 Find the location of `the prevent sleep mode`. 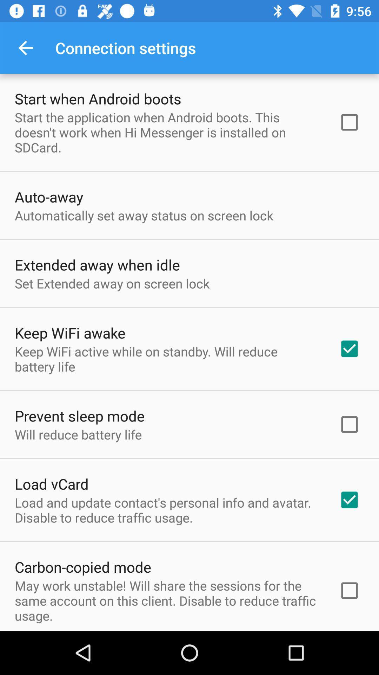

the prevent sleep mode is located at coordinates (79, 416).